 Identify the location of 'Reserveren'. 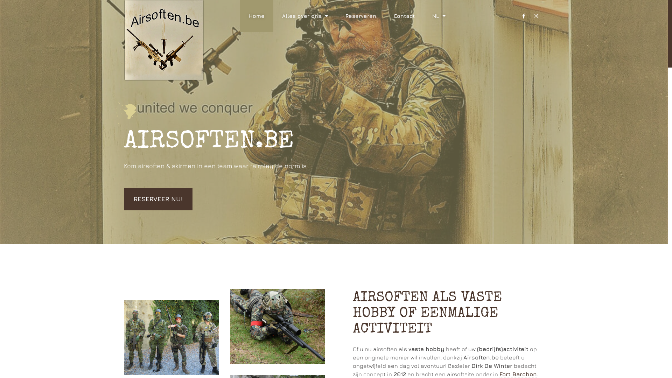
(336, 16).